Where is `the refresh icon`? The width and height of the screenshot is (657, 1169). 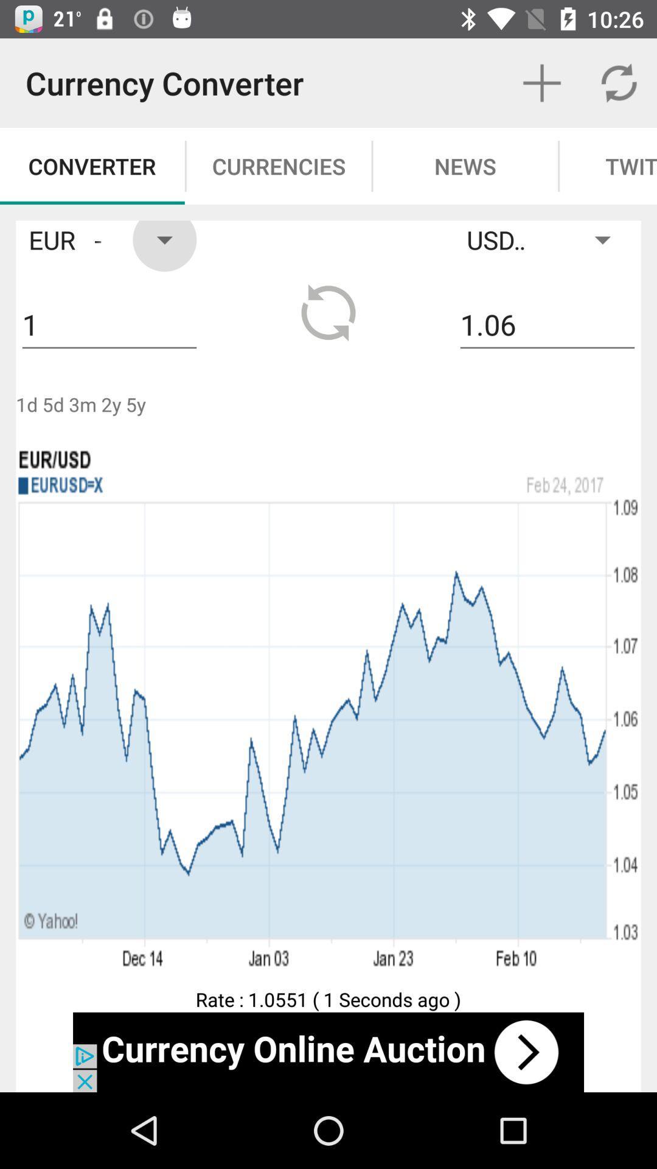 the refresh icon is located at coordinates (328, 312).